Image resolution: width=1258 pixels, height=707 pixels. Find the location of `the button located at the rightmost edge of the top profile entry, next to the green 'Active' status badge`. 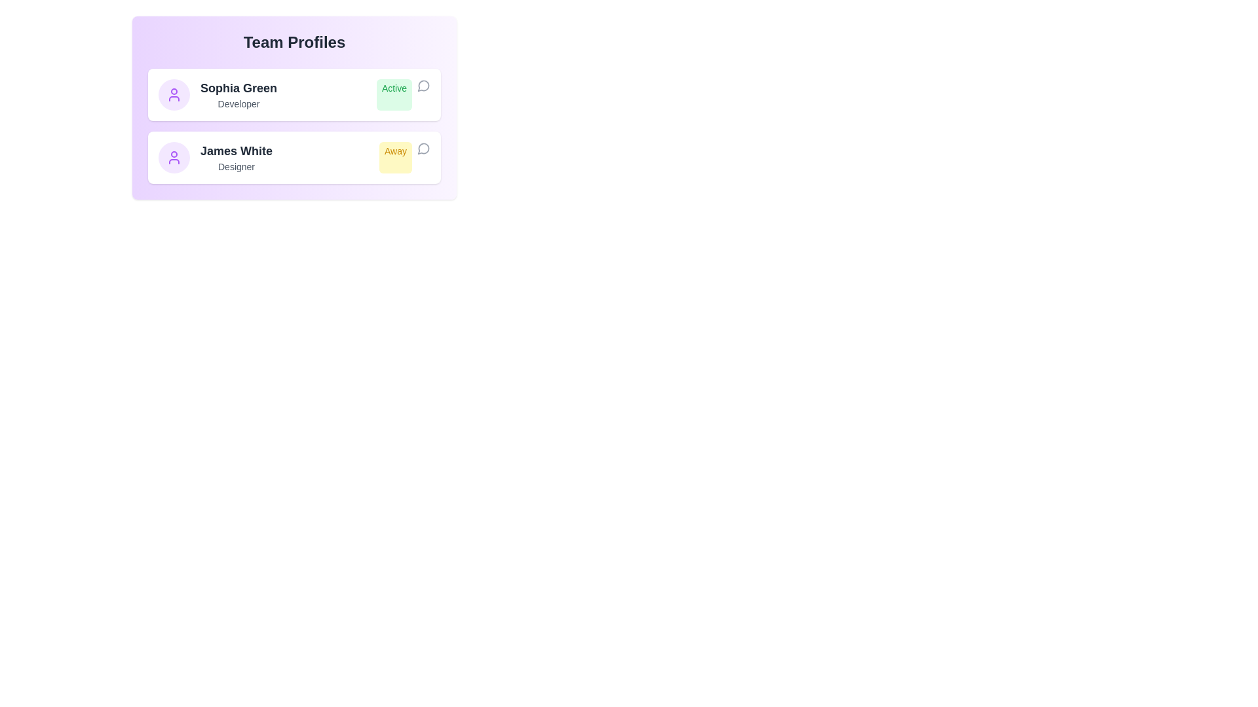

the button located at the rightmost edge of the top profile entry, next to the green 'Active' status badge is located at coordinates (423, 86).